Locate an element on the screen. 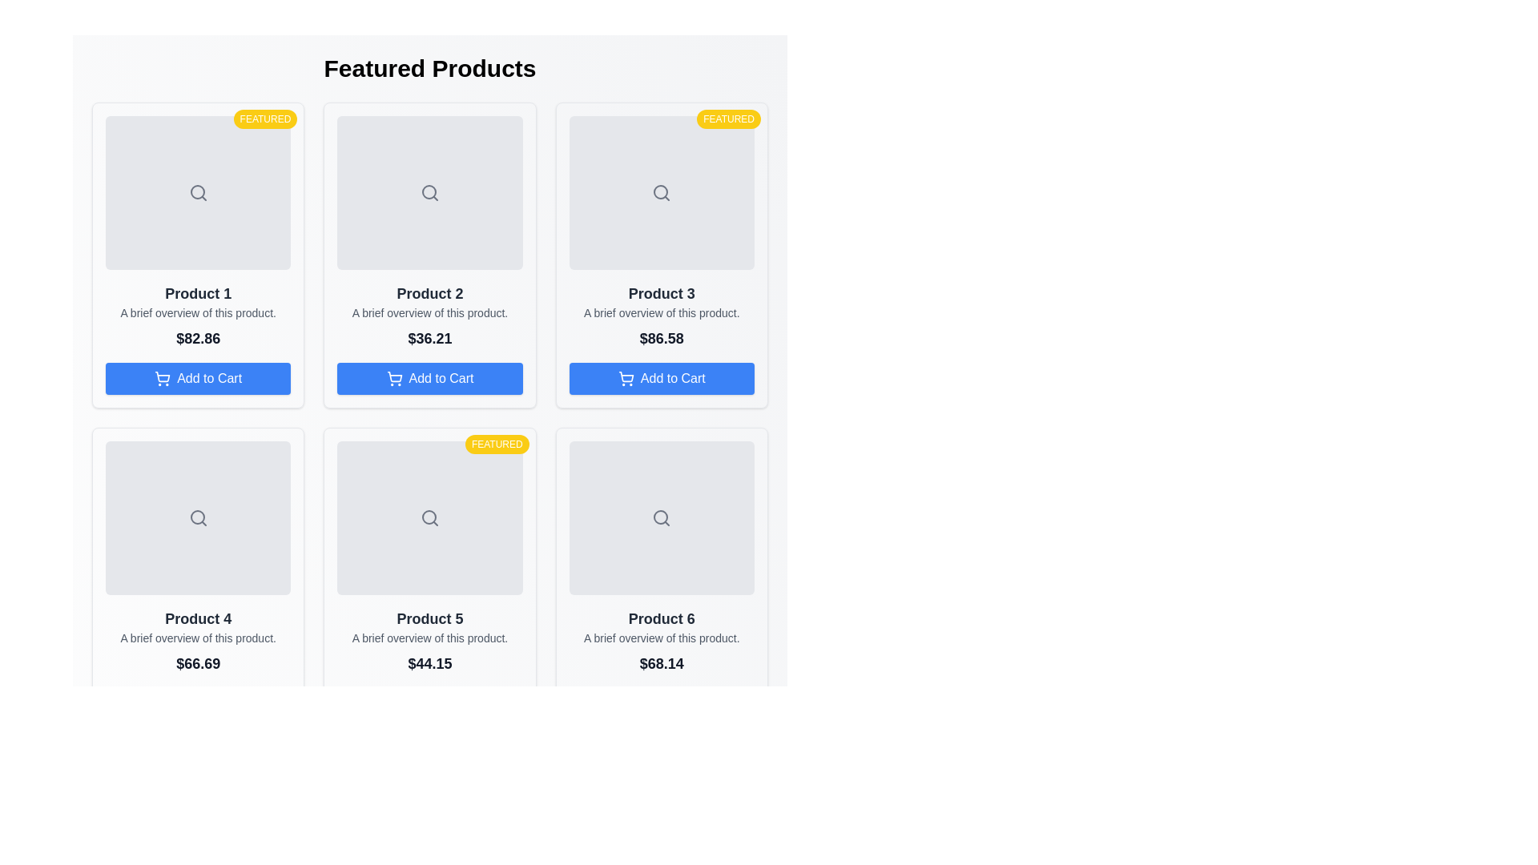  the price text label displaying '$36.21' located in the center column of the 'Product 2' card, positioned above the 'Add to Cart' button is located at coordinates (430, 338).